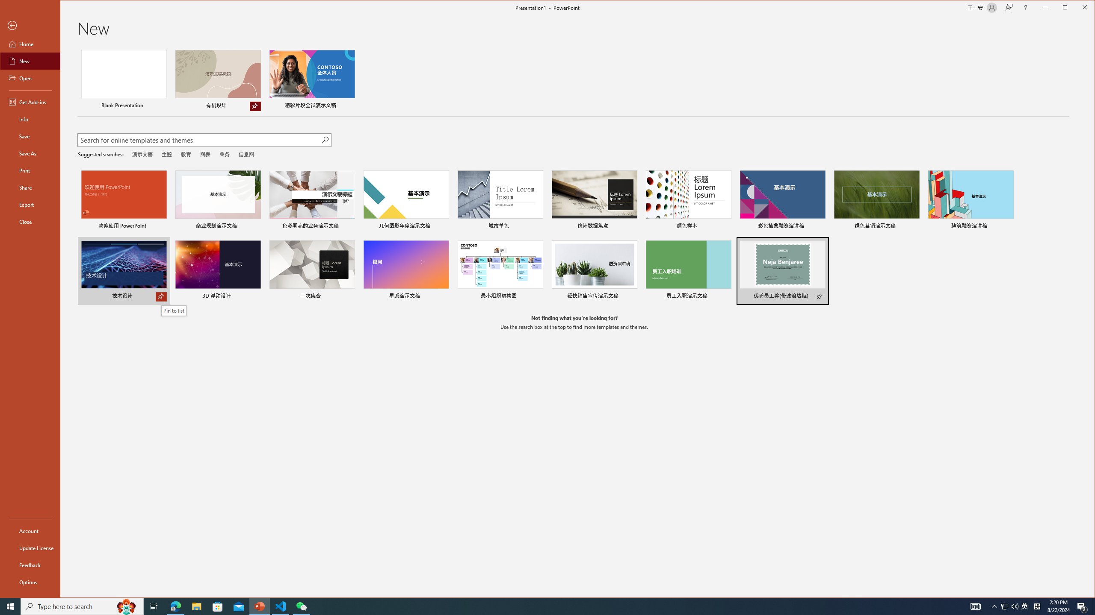  What do you see at coordinates (124, 80) in the screenshot?
I see `'Blank Presentation'` at bounding box center [124, 80].